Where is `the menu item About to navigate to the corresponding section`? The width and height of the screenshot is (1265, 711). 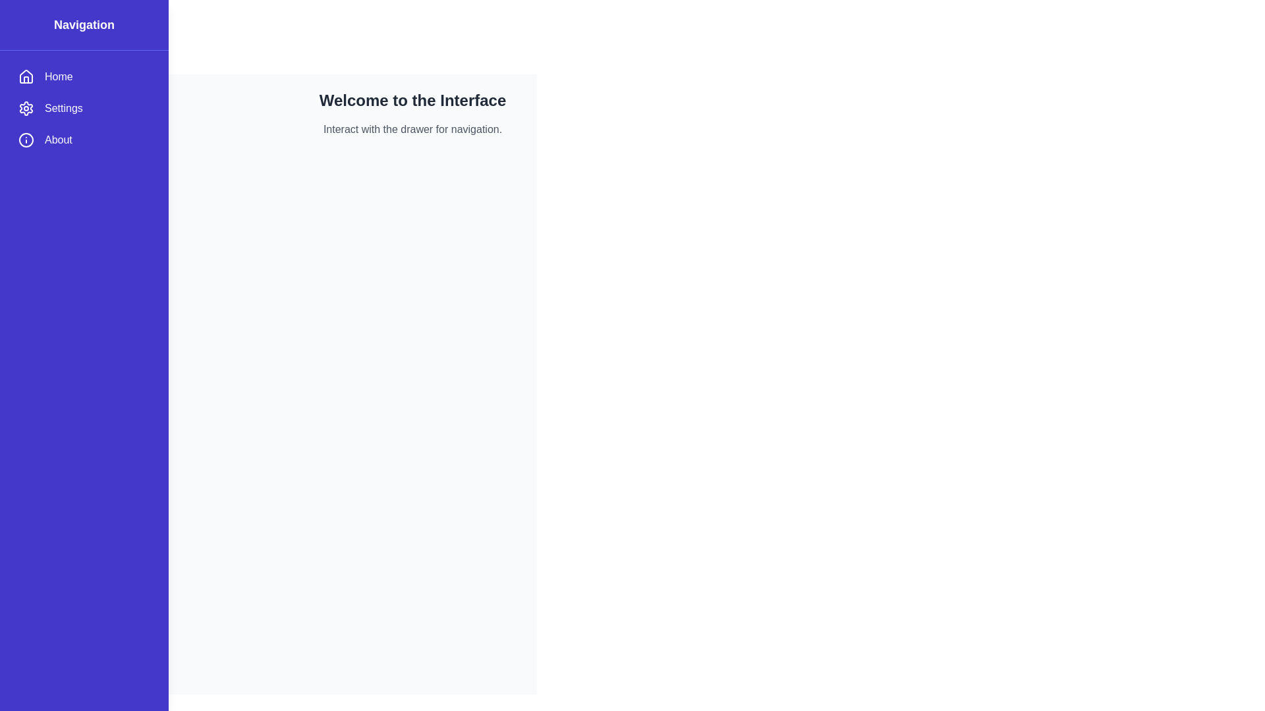
the menu item About to navigate to the corresponding section is located at coordinates (84, 140).